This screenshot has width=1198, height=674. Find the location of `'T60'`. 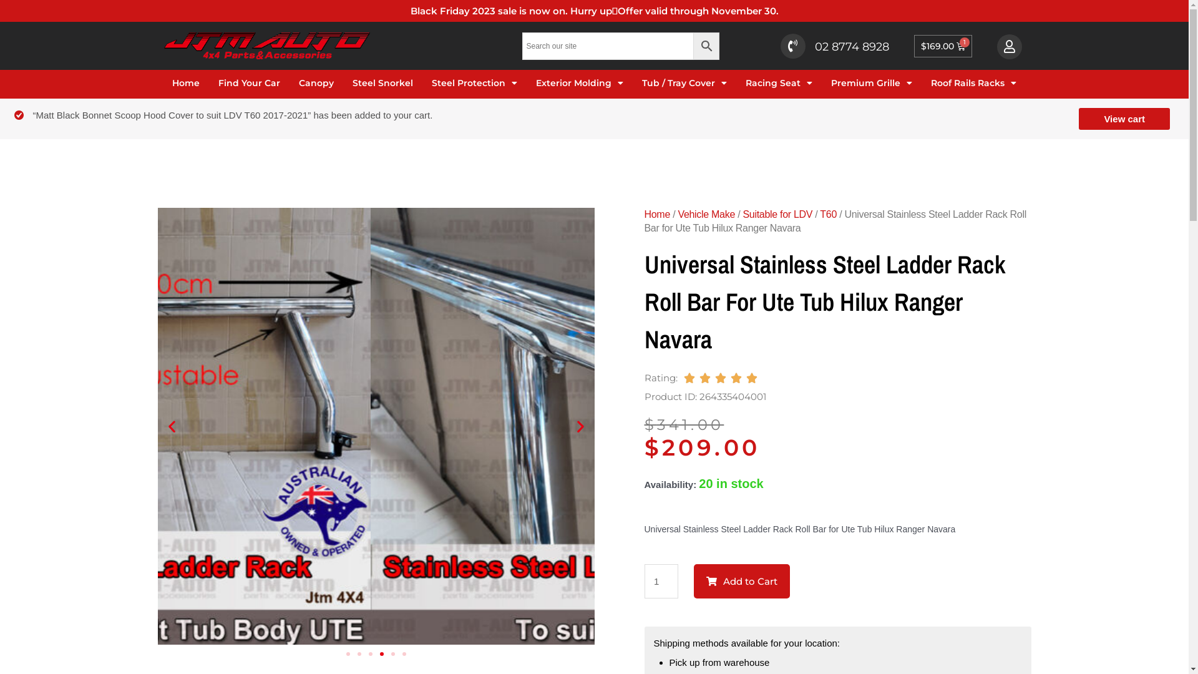

'T60' is located at coordinates (828, 213).